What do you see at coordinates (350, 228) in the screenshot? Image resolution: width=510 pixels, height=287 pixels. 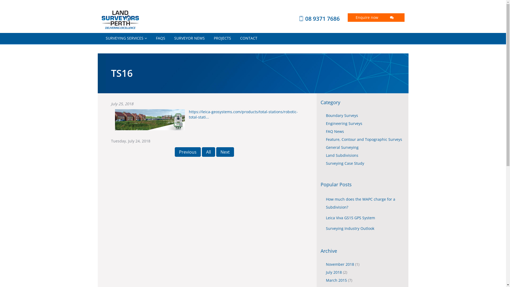 I see `'Surveying Industry Outlook'` at bounding box center [350, 228].